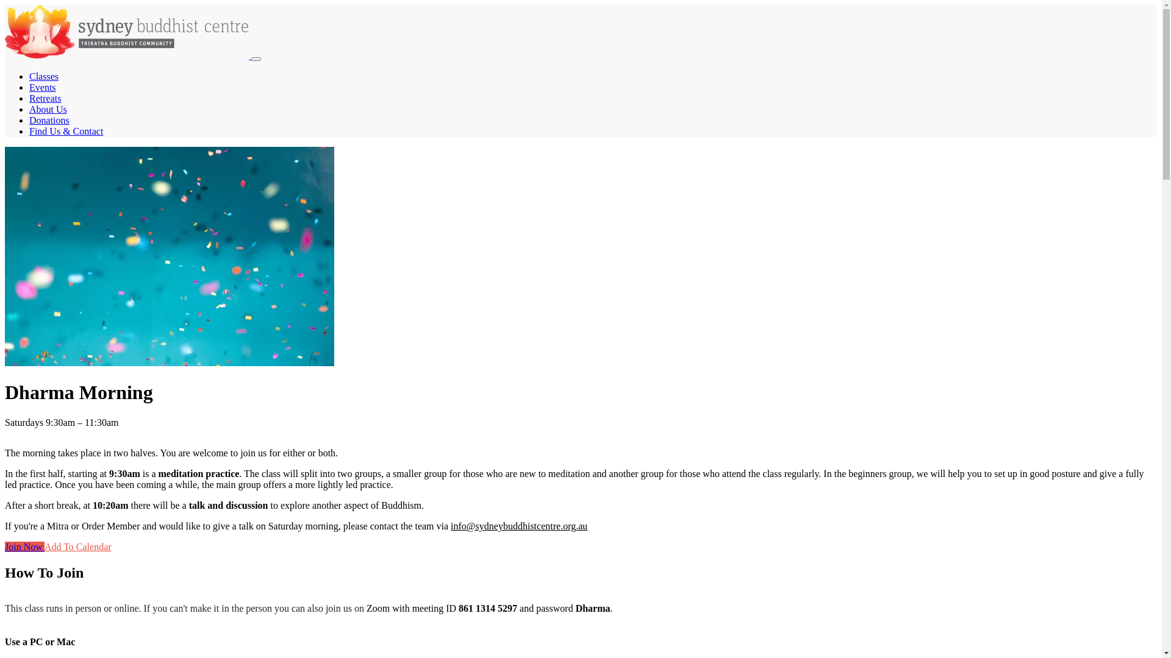 The width and height of the screenshot is (1171, 658). What do you see at coordinates (24, 546) in the screenshot?
I see `'Join Now'` at bounding box center [24, 546].